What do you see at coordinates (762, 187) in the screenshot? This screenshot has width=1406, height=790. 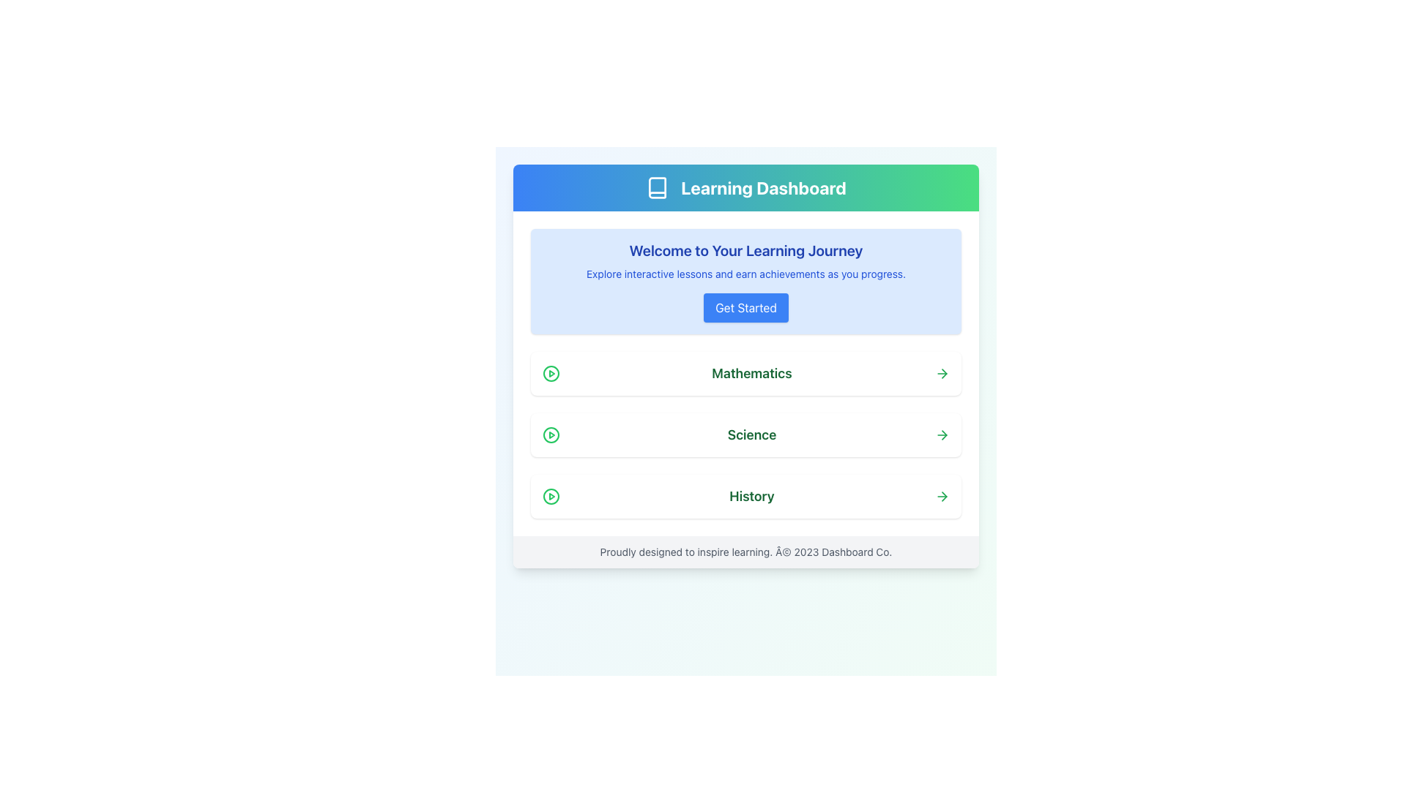 I see `the text label in the header section, which serves as the title or heading for the page, located centrally to the right of a book icon` at bounding box center [762, 187].